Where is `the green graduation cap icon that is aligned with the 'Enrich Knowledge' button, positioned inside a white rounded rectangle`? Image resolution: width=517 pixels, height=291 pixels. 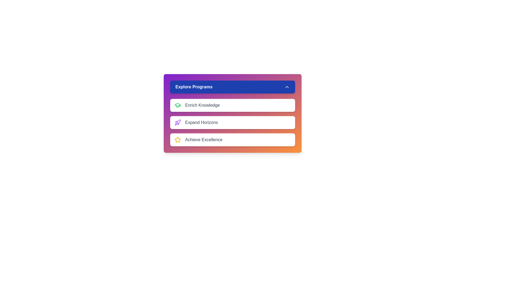 the green graduation cap icon that is aligned with the 'Enrich Knowledge' button, positioned inside a white rounded rectangle is located at coordinates (177, 105).